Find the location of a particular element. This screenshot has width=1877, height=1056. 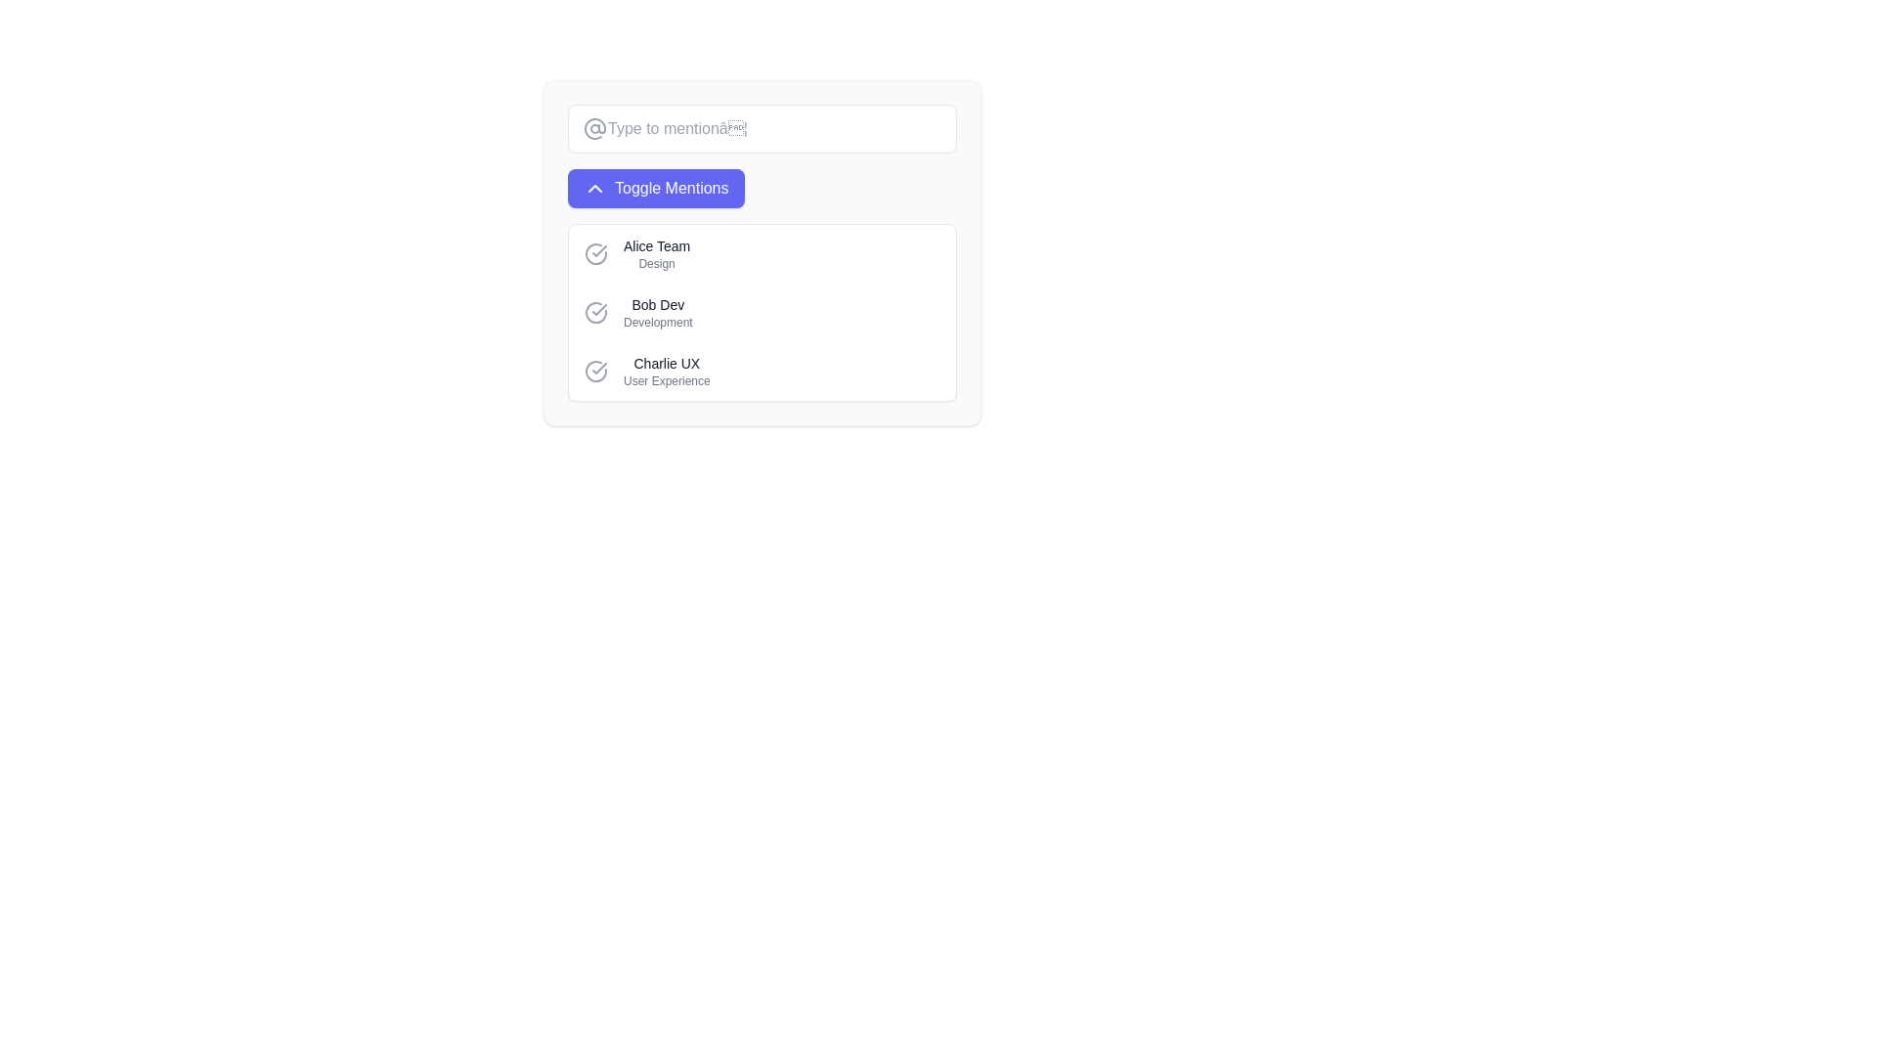

the circular checkmark icon located to the left of the list item for 'Bob Dev' in the second row of the dropdown is located at coordinates (598, 308).